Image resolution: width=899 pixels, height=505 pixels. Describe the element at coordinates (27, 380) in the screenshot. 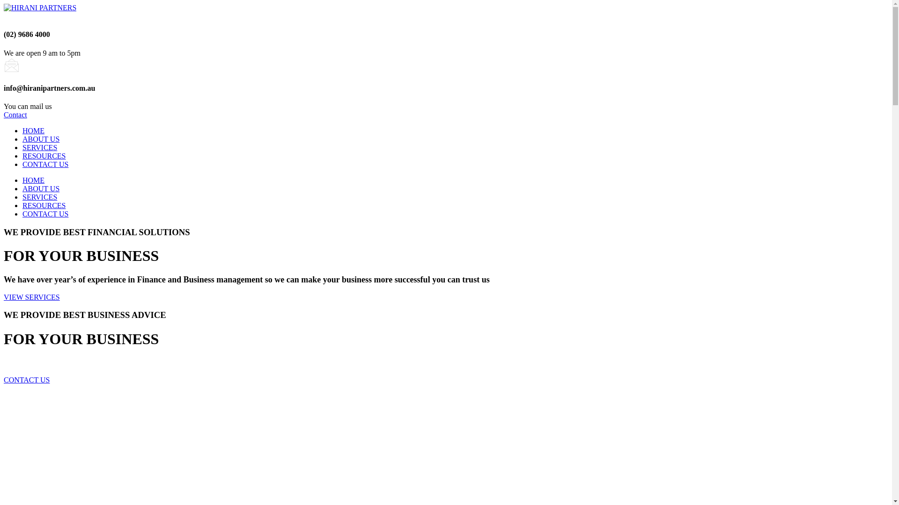

I see `'CONTACT US'` at that location.